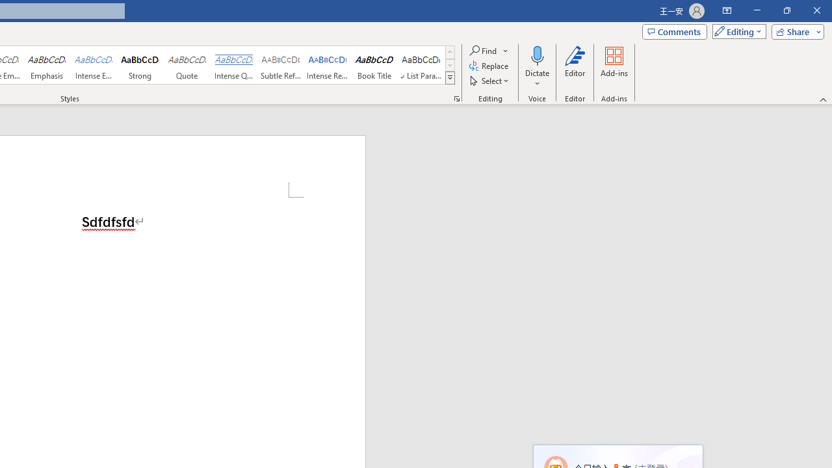 The width and height of the screenshot is (832, 468). What do you see at coordinates (233, 65) in the screenshot?
I see `'Intense Quote'` at bounding box center [233, 65].